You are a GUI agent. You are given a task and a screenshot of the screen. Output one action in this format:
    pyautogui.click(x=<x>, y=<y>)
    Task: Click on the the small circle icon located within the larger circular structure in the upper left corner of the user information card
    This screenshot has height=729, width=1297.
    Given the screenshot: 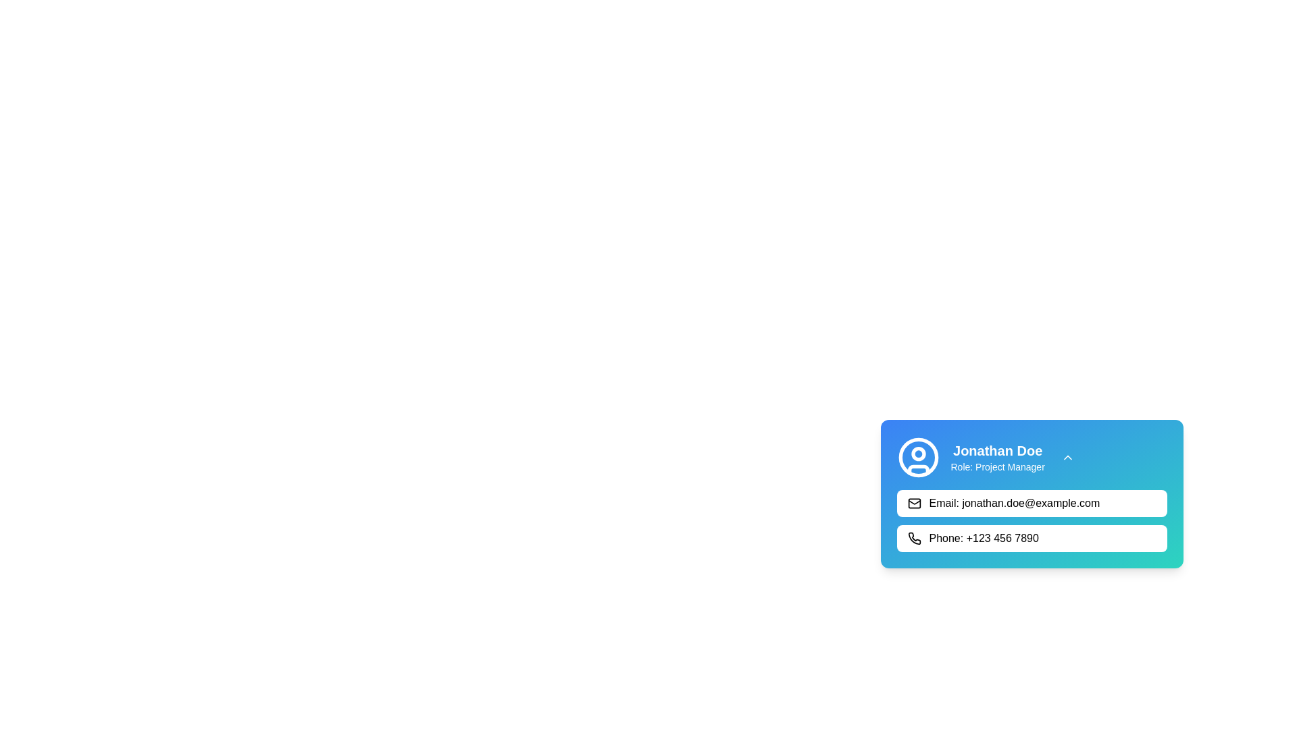 What is the action you would take?
    pyautogui.click(x=918, y=454)
    